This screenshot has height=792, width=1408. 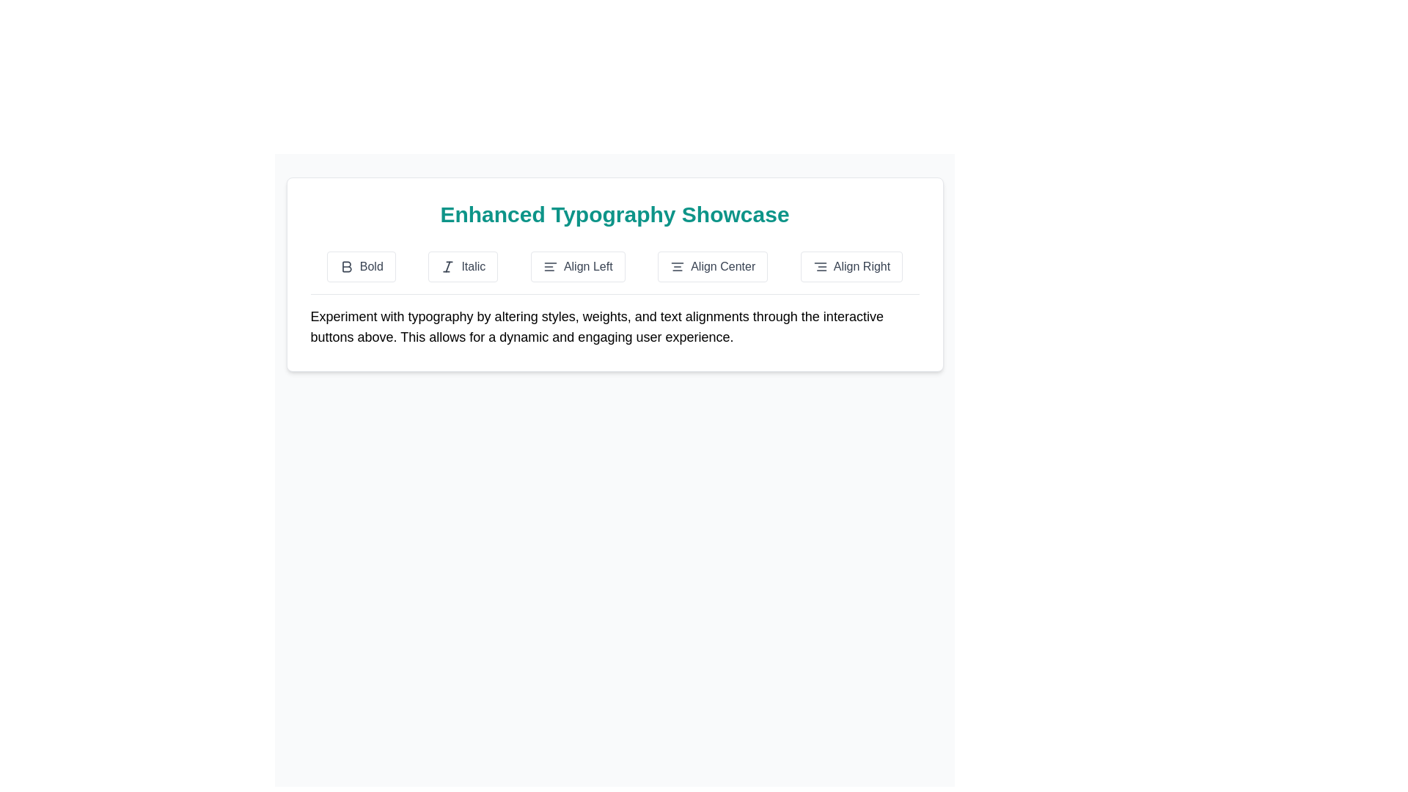 I want to click on the bold styling button, so click(x=361, y=266).